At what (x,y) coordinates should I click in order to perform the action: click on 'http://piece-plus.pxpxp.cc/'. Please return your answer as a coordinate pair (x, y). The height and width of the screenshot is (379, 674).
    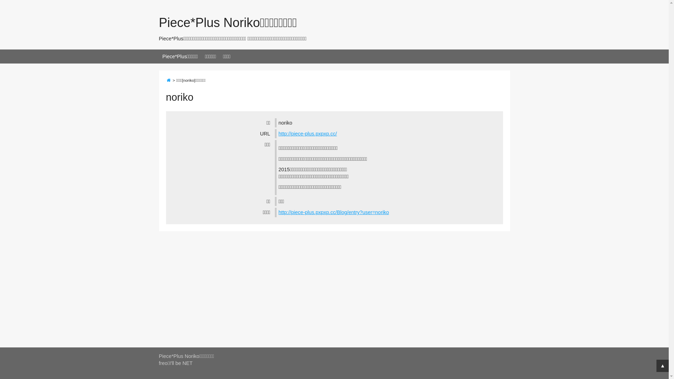
    Looking at the image, I should click on (307, 134).